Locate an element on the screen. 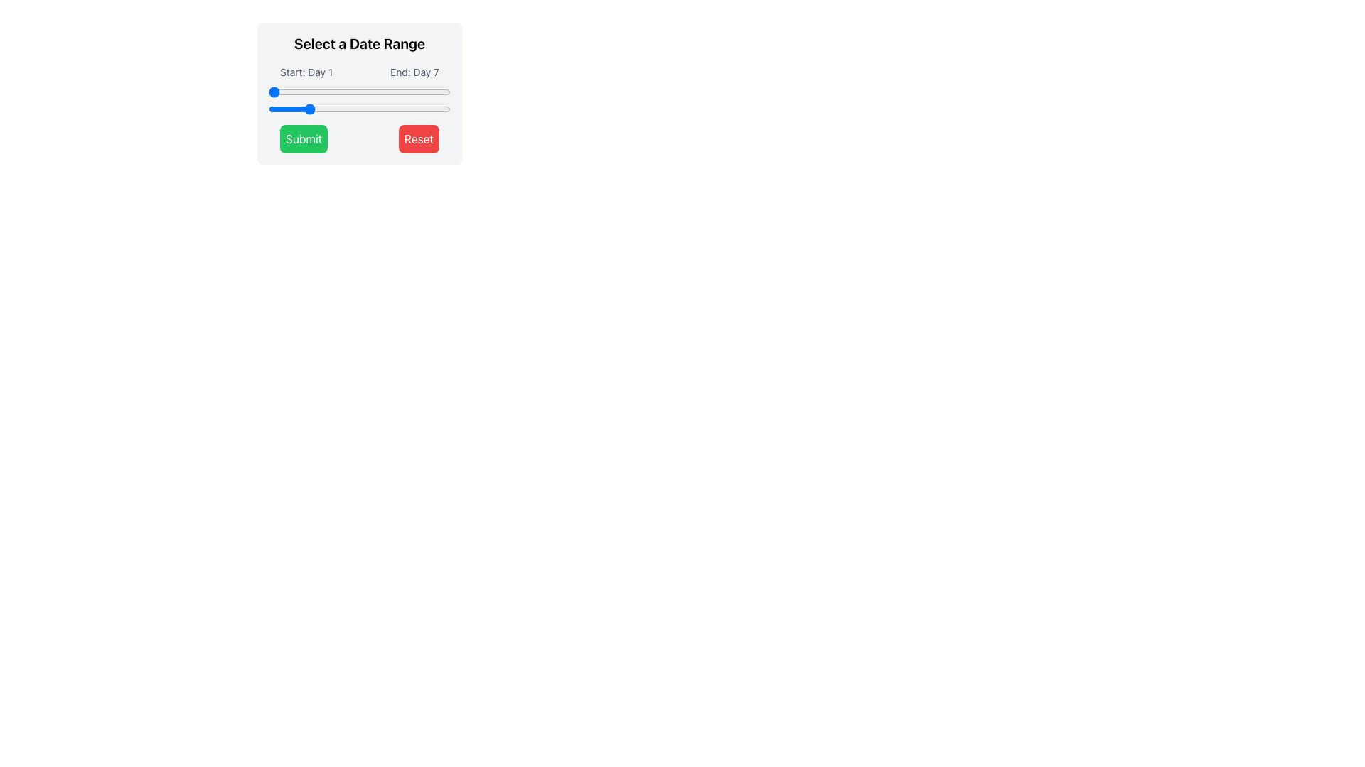 The image size is (1365, 767). the slider is located at coordinates (356, 109).